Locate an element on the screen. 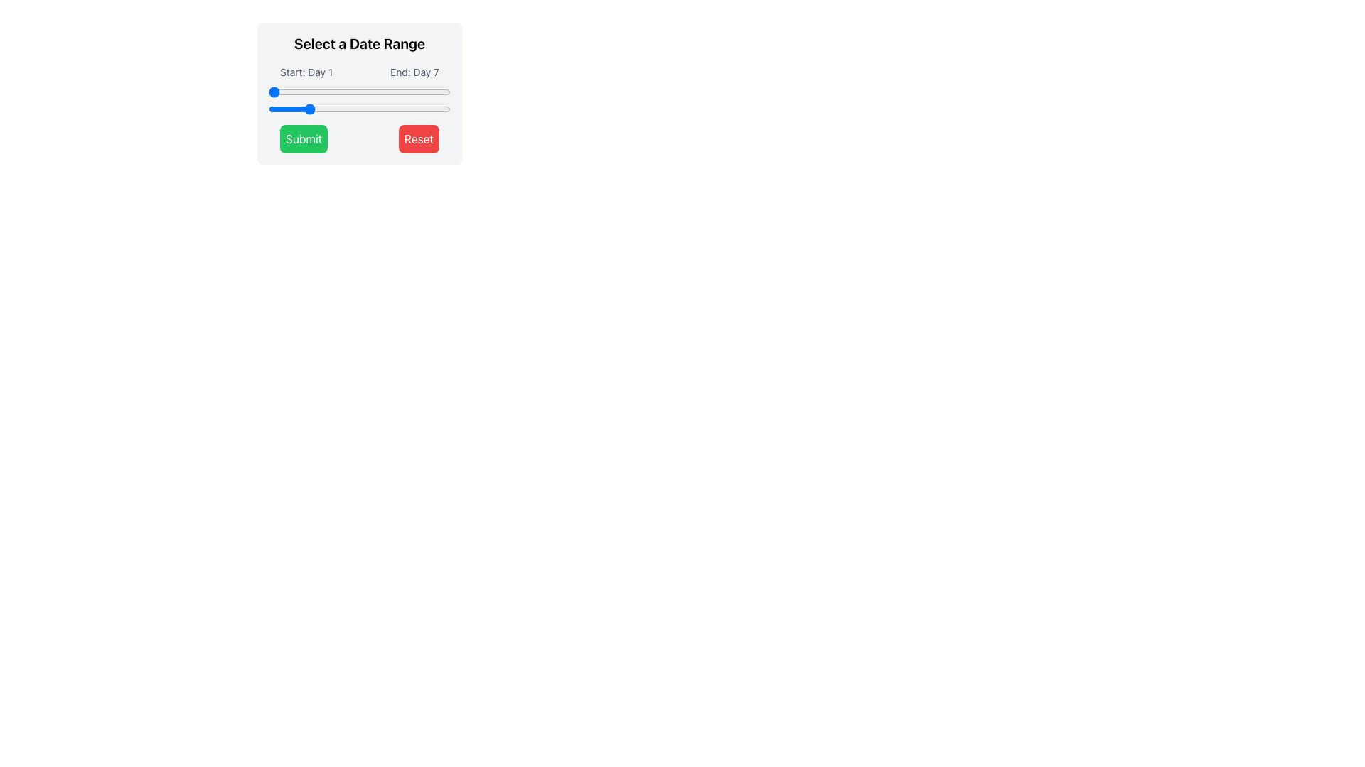 The image size is (1365, 767). the slider is located at coordinates (356, 109).